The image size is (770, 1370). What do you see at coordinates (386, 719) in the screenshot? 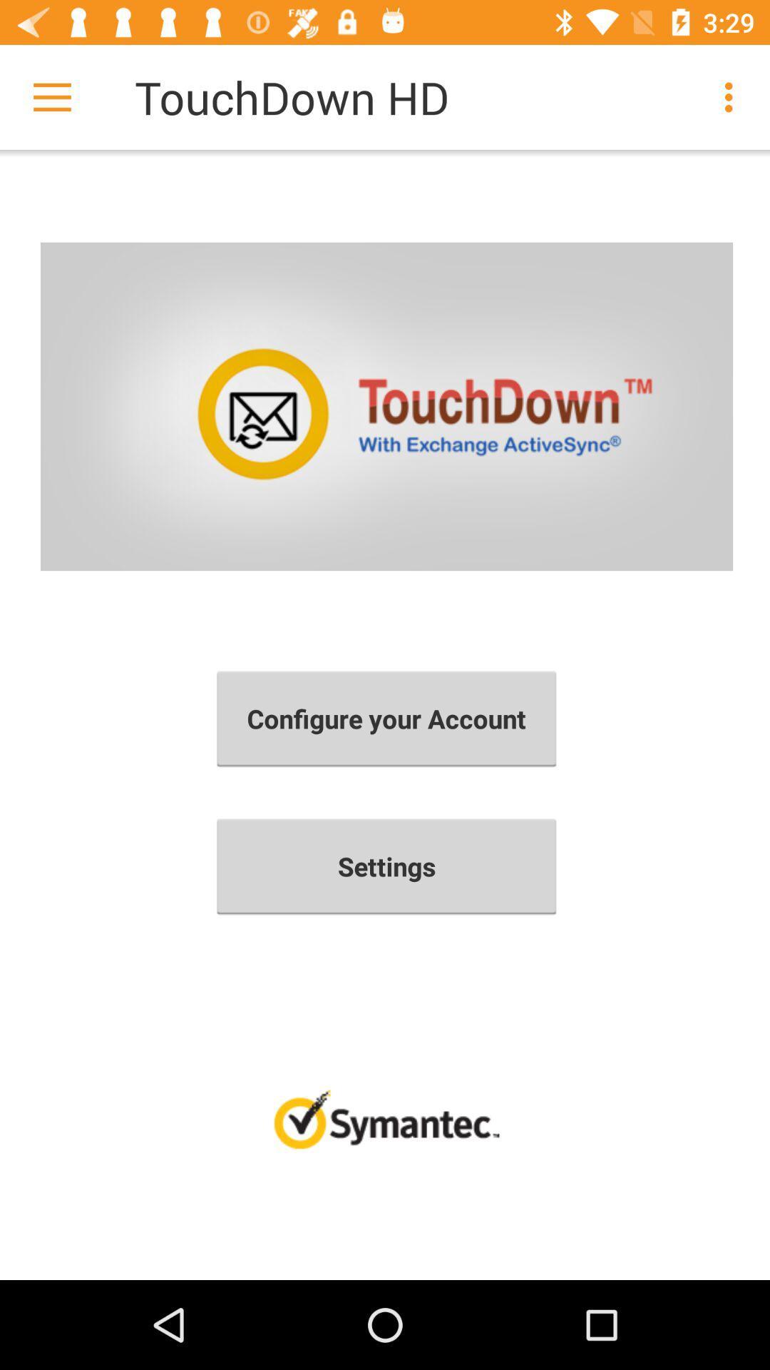
I see `the configure your account item` at bounding box center [386, 719].